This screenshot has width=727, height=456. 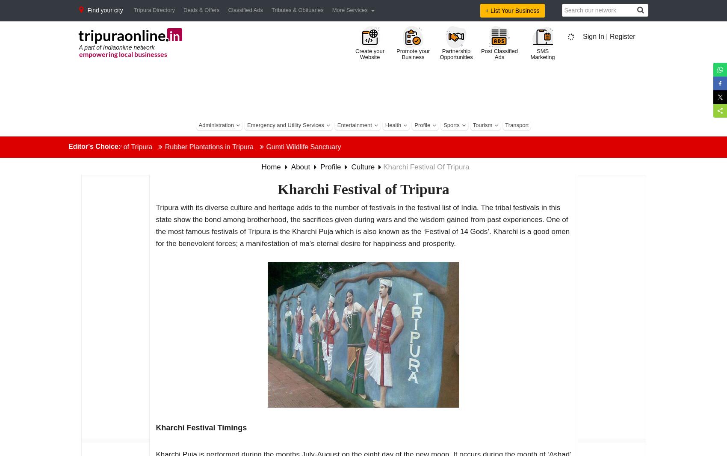 I want to click on 'Classified Ads', so click(x=245, y=9).